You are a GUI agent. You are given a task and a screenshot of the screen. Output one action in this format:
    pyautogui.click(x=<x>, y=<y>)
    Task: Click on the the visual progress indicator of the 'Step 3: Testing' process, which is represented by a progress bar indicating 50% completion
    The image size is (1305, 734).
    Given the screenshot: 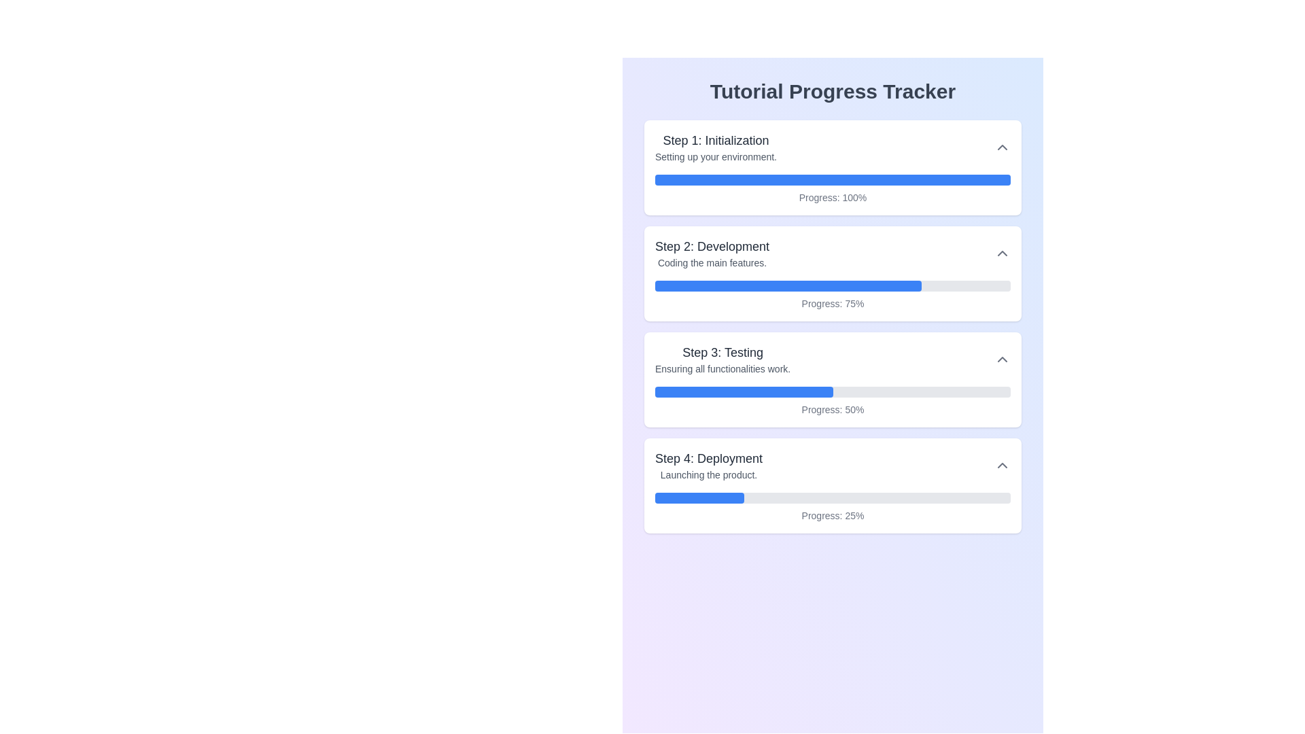 What is the action you would take?
    pyautogui.click(x=832, y=400)
    